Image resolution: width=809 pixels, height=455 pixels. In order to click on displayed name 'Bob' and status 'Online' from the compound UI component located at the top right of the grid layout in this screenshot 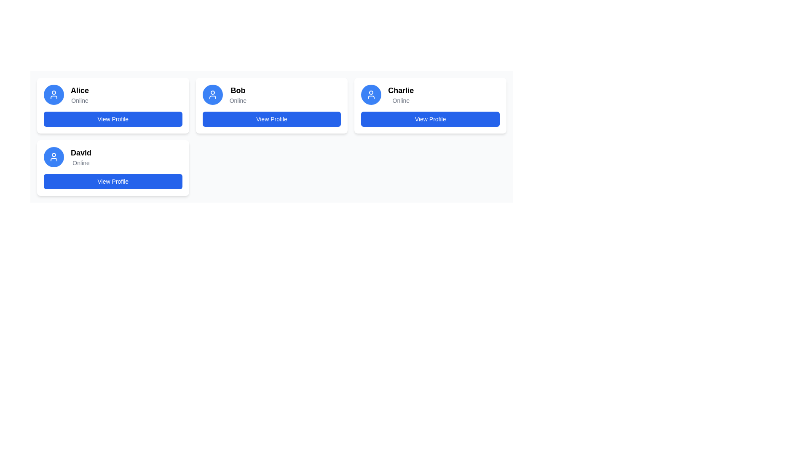, I will do `click(237, 94)`.